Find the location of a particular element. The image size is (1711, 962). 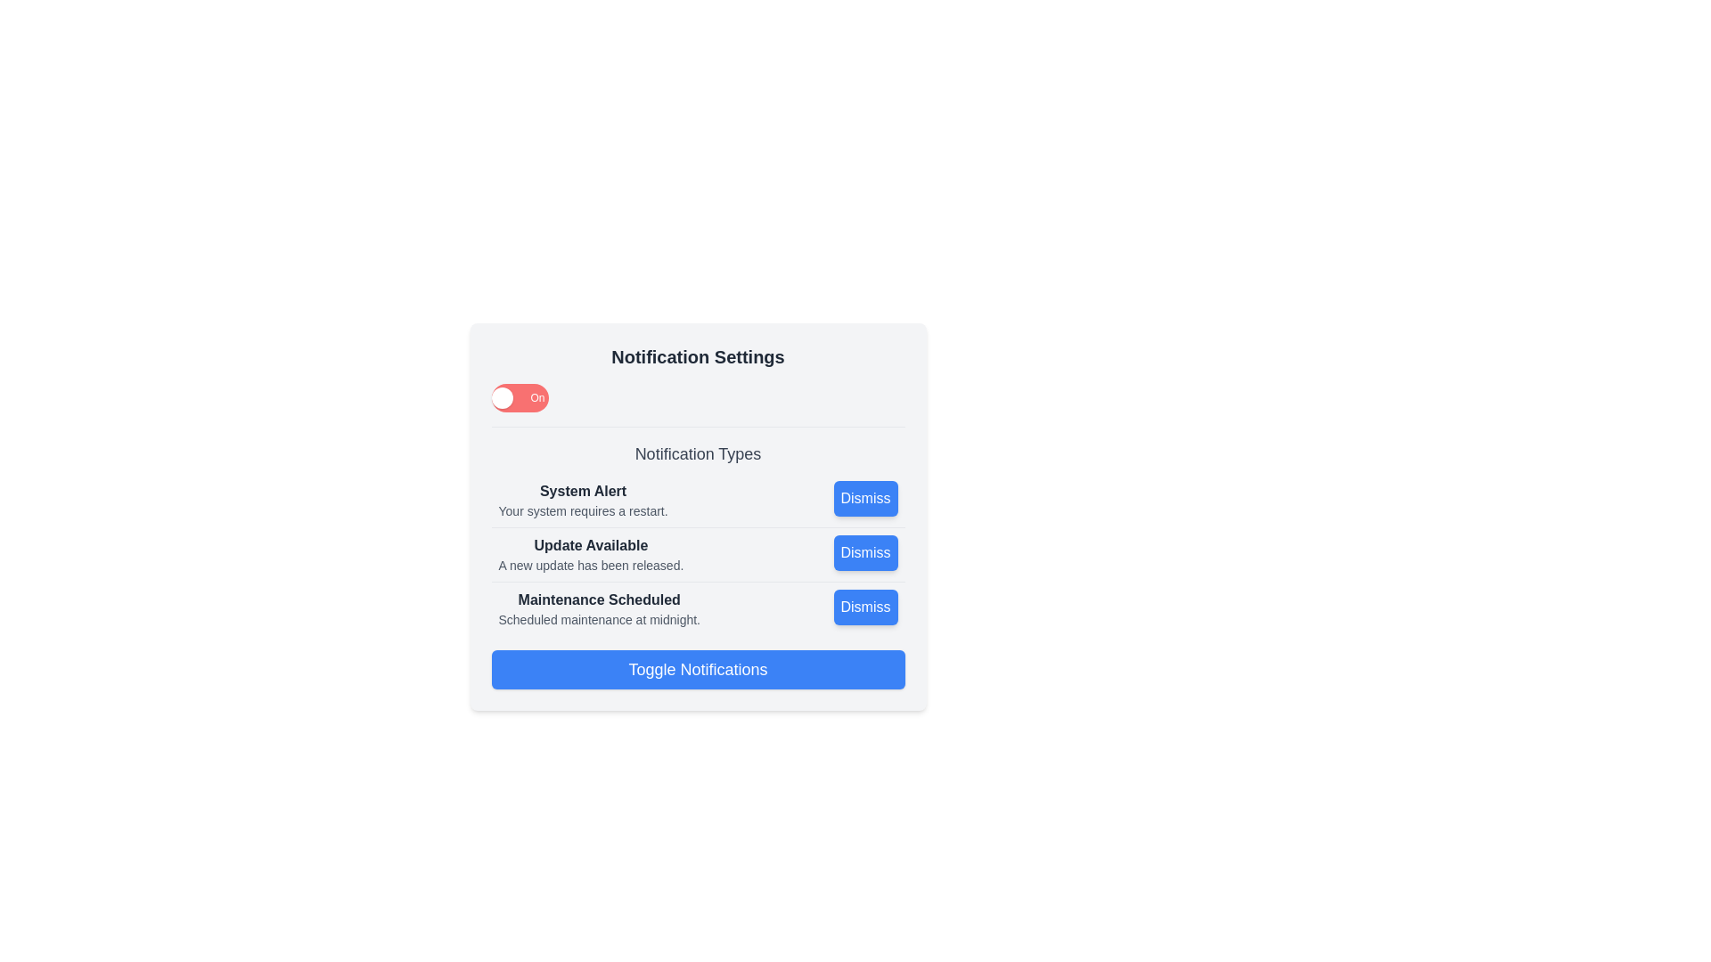

text label that displays 'Scheduled maintenance at midnight.' located beneath the heading 'Maintenance Scheduled' in the notification section is located at coordinates (599, 618).